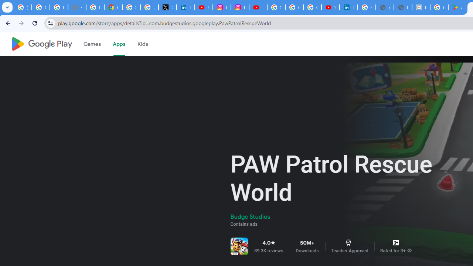 Image resolution: width=473 pixels, height=266 pixels. I want to click on 'Sign in - Google Accounts', so click(131, 7).